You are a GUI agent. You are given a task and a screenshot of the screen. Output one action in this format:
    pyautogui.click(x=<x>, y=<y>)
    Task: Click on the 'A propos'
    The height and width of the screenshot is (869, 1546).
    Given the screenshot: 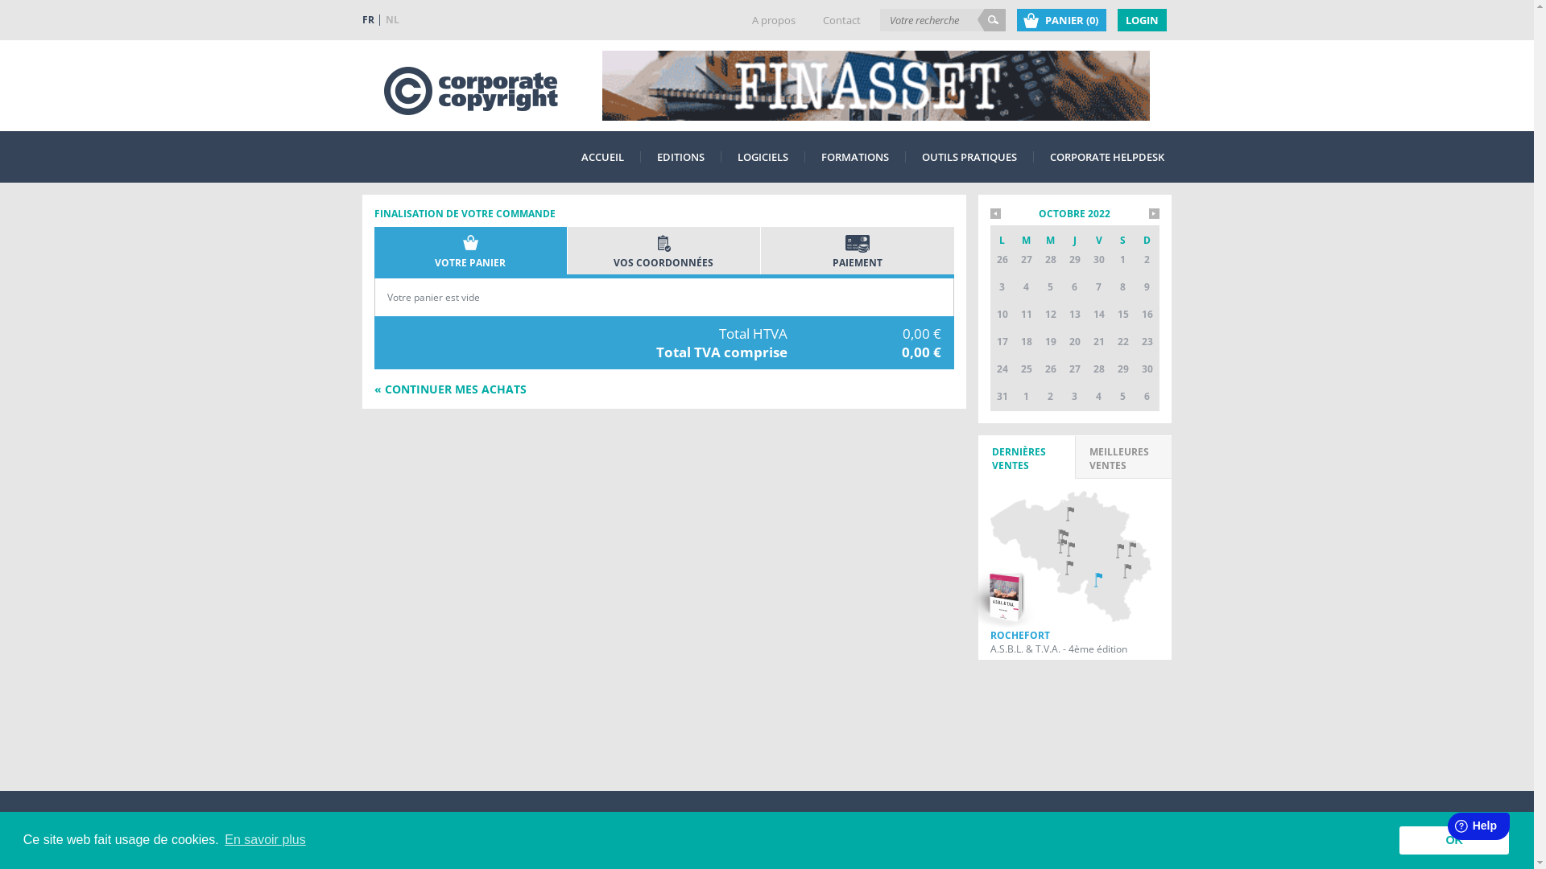 What is the action you would take?
    pyautogui.click(x=773, y=19)
    